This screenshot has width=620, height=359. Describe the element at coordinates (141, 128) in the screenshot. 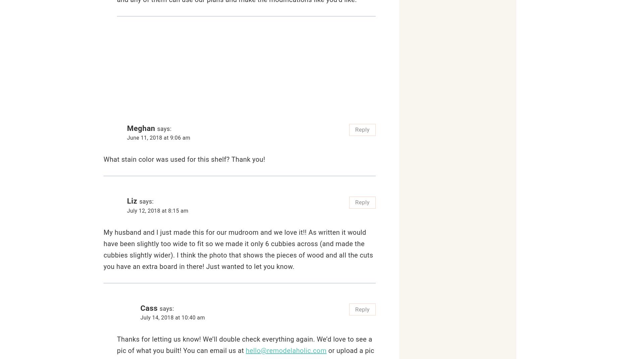

I see `'Meghan'` at that location.